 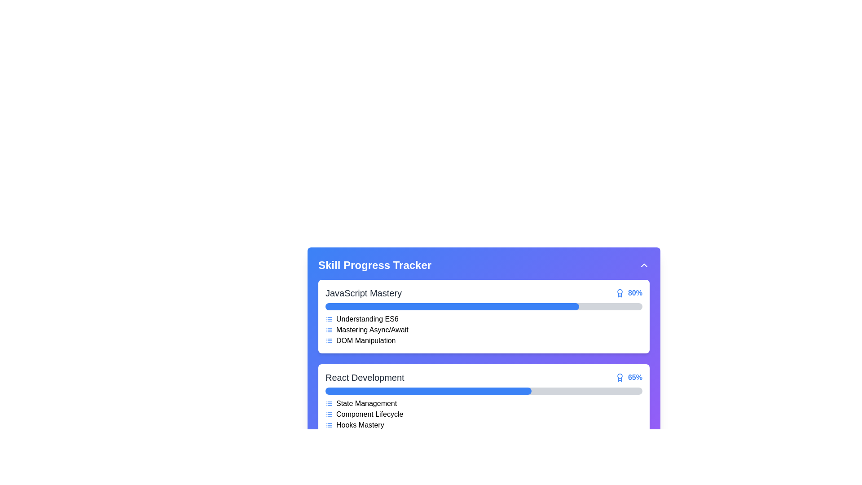 I want to click on the progress completion label for the 'React Development' task, which is located towards the right end of the progress tracker section, following the title 'React Development', so click(x=629, y=377).